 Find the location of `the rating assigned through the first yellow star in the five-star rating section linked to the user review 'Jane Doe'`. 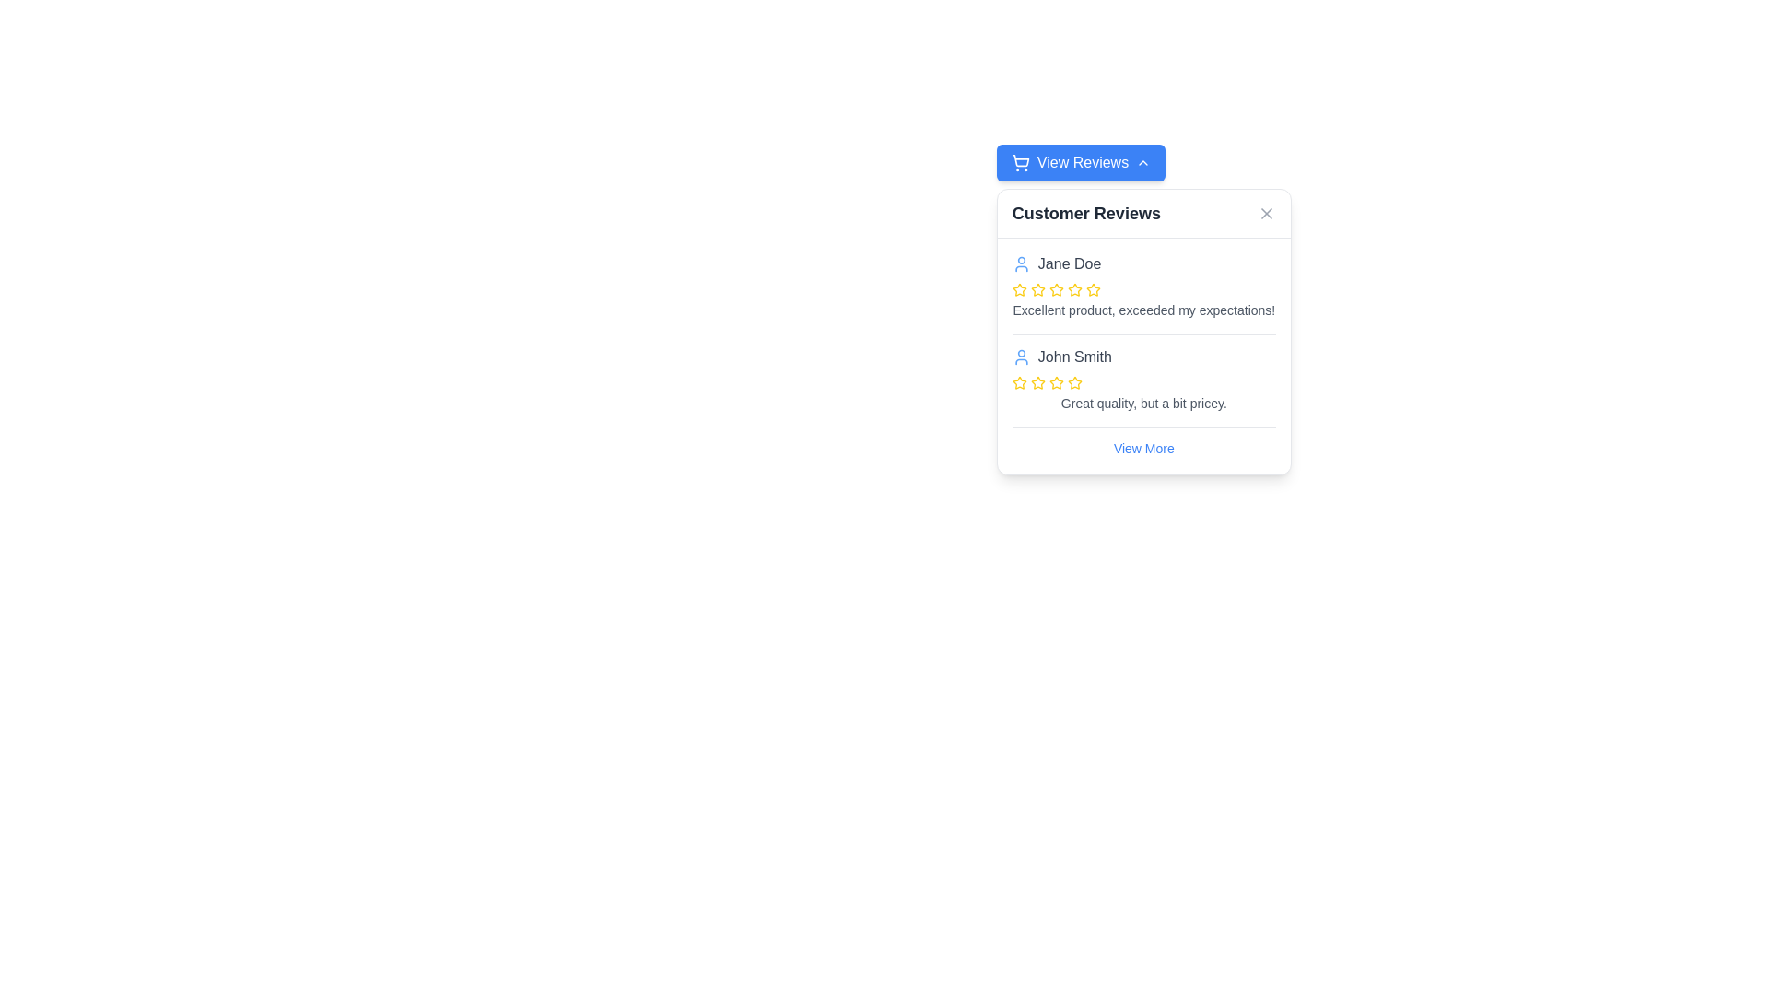

the rating assigned through the first yellow star in the five-star rating section linked to the user review 'Jane Doe' is located at coordinates (1037, 289).